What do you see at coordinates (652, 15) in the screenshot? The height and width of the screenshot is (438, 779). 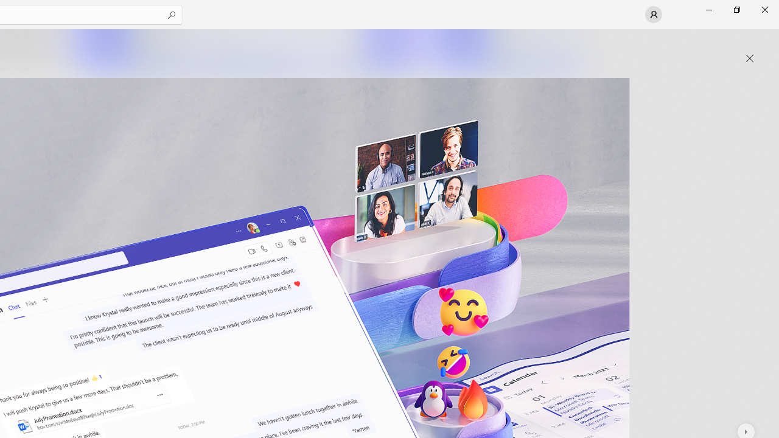 I see `'User profile'` at bounding box center [652, 15].